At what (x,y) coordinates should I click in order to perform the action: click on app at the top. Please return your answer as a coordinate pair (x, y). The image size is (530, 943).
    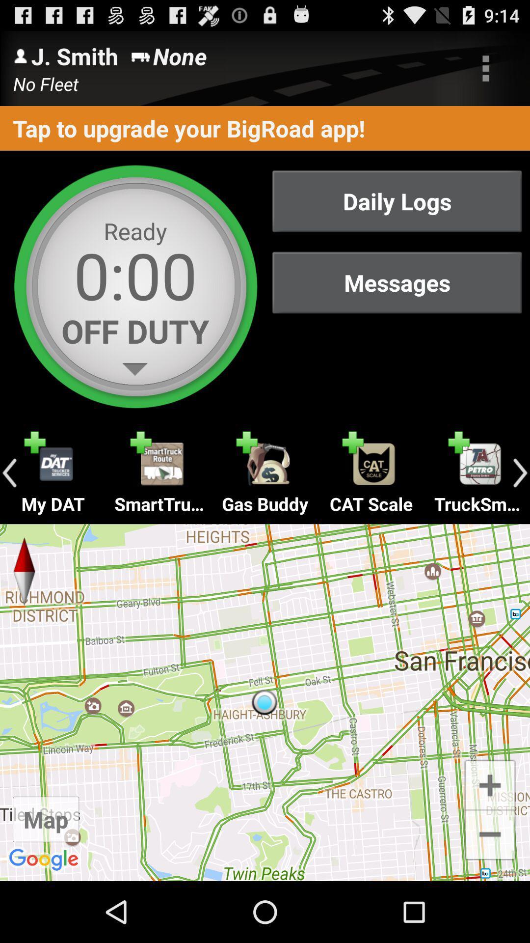
    Looking at the image, I should click on (265, 128).